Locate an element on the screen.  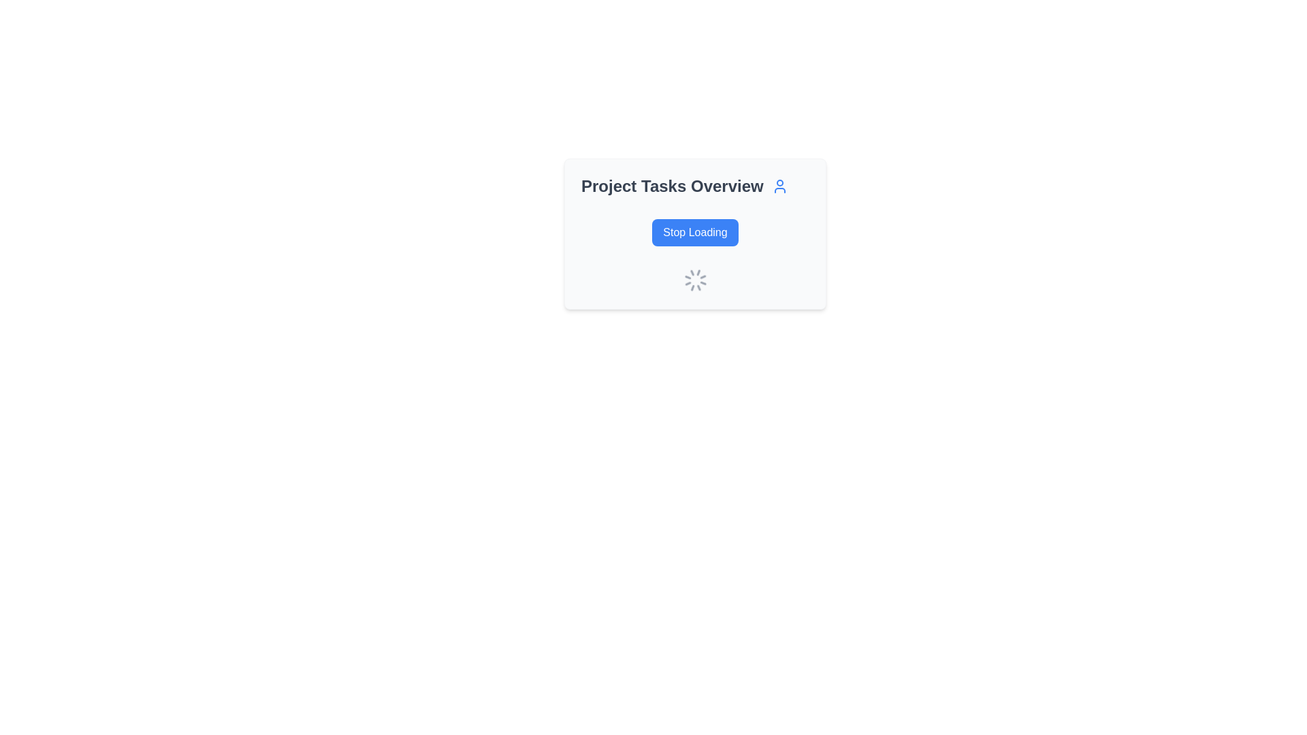
the user icon, which is a blue outline of a head and shoulders, located to the right of the 'Project Tasks Overview' heading is located at coordinates (779, 186).